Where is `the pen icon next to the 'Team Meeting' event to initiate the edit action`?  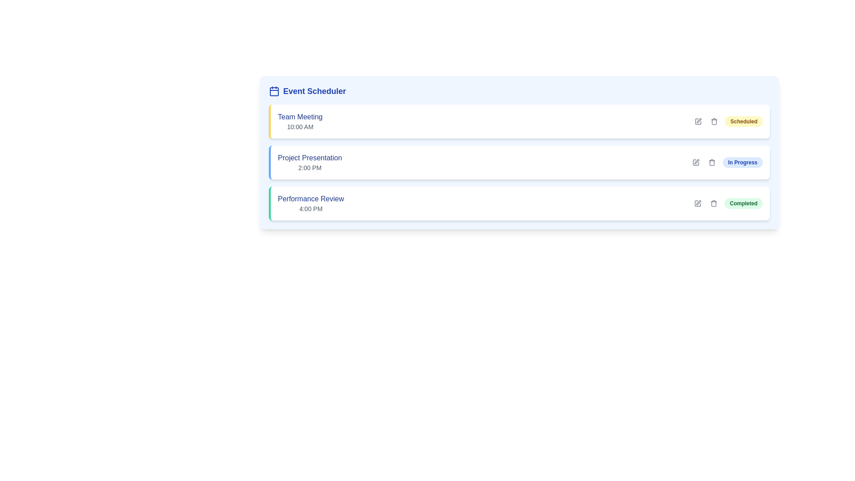
the pen icon next to the 'Team Meeting' event to initiate the edit action is located at coordinates (698, 120).